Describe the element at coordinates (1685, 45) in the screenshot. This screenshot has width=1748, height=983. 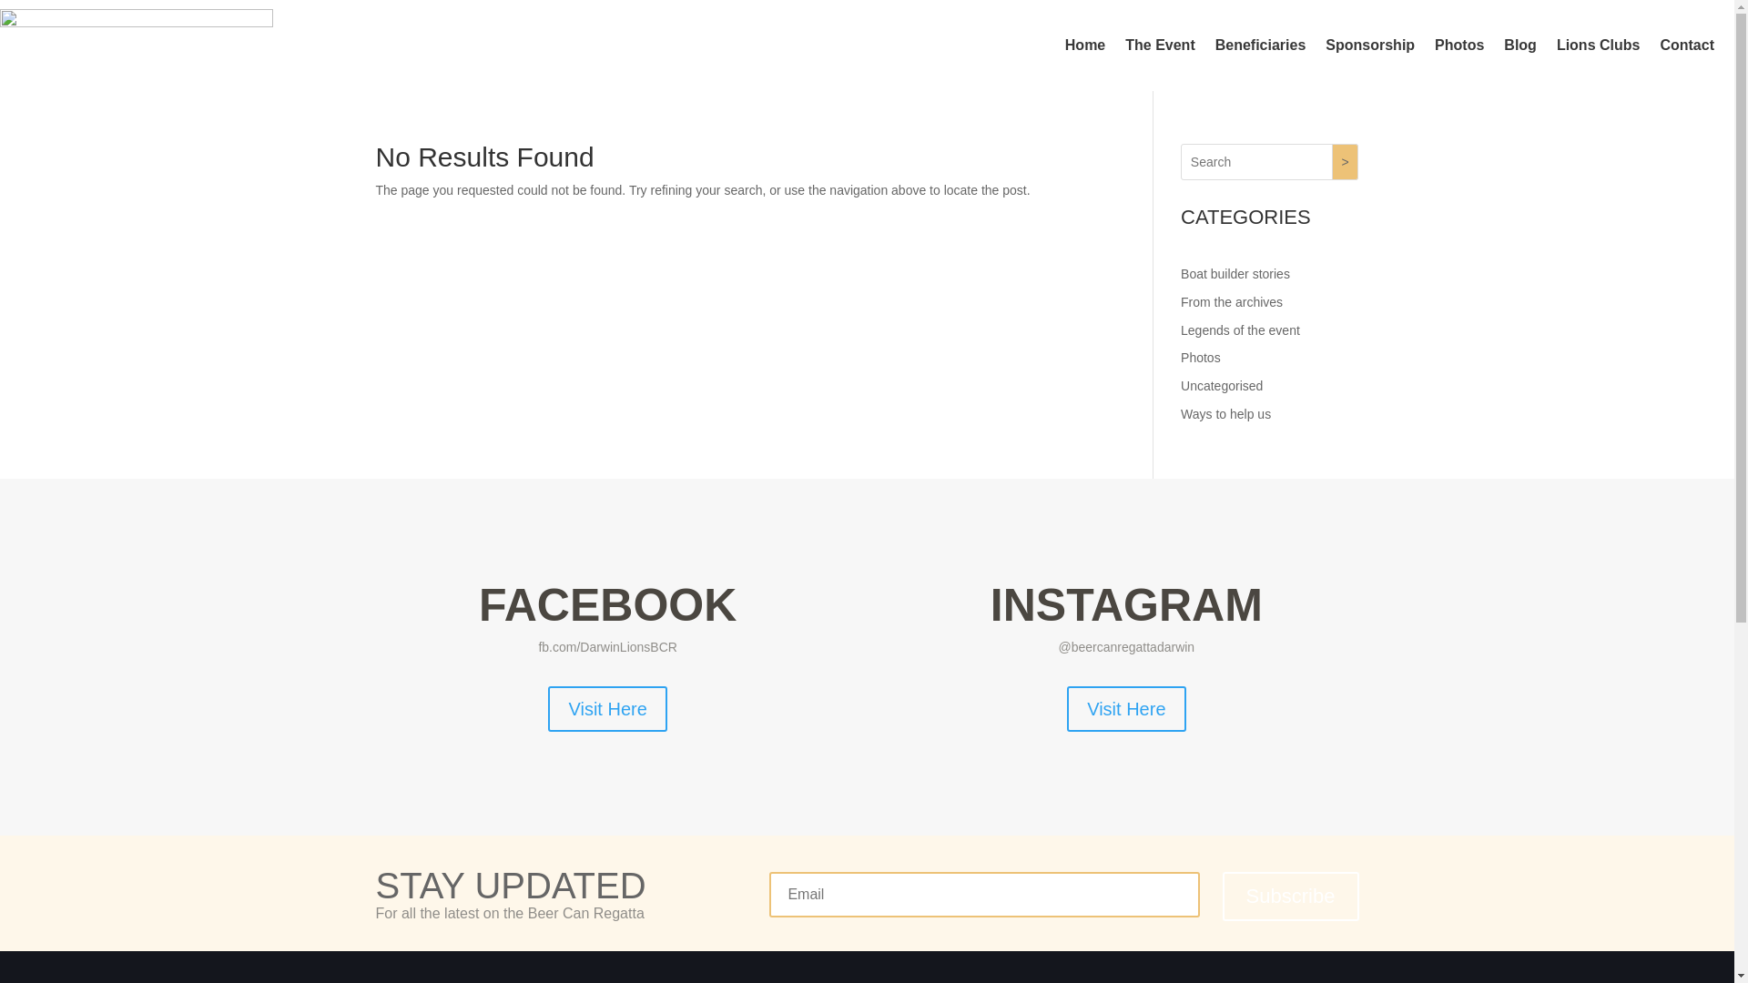
I see `'Contact'` at that location.